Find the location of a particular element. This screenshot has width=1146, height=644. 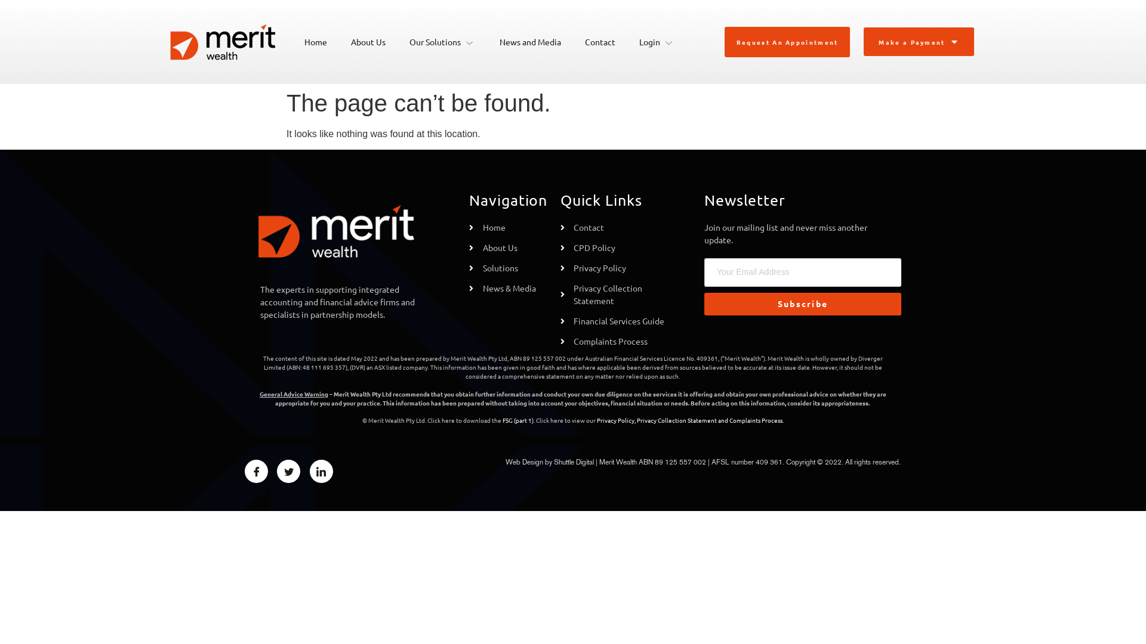

'Solutions' is located at coordinates (469, 267).